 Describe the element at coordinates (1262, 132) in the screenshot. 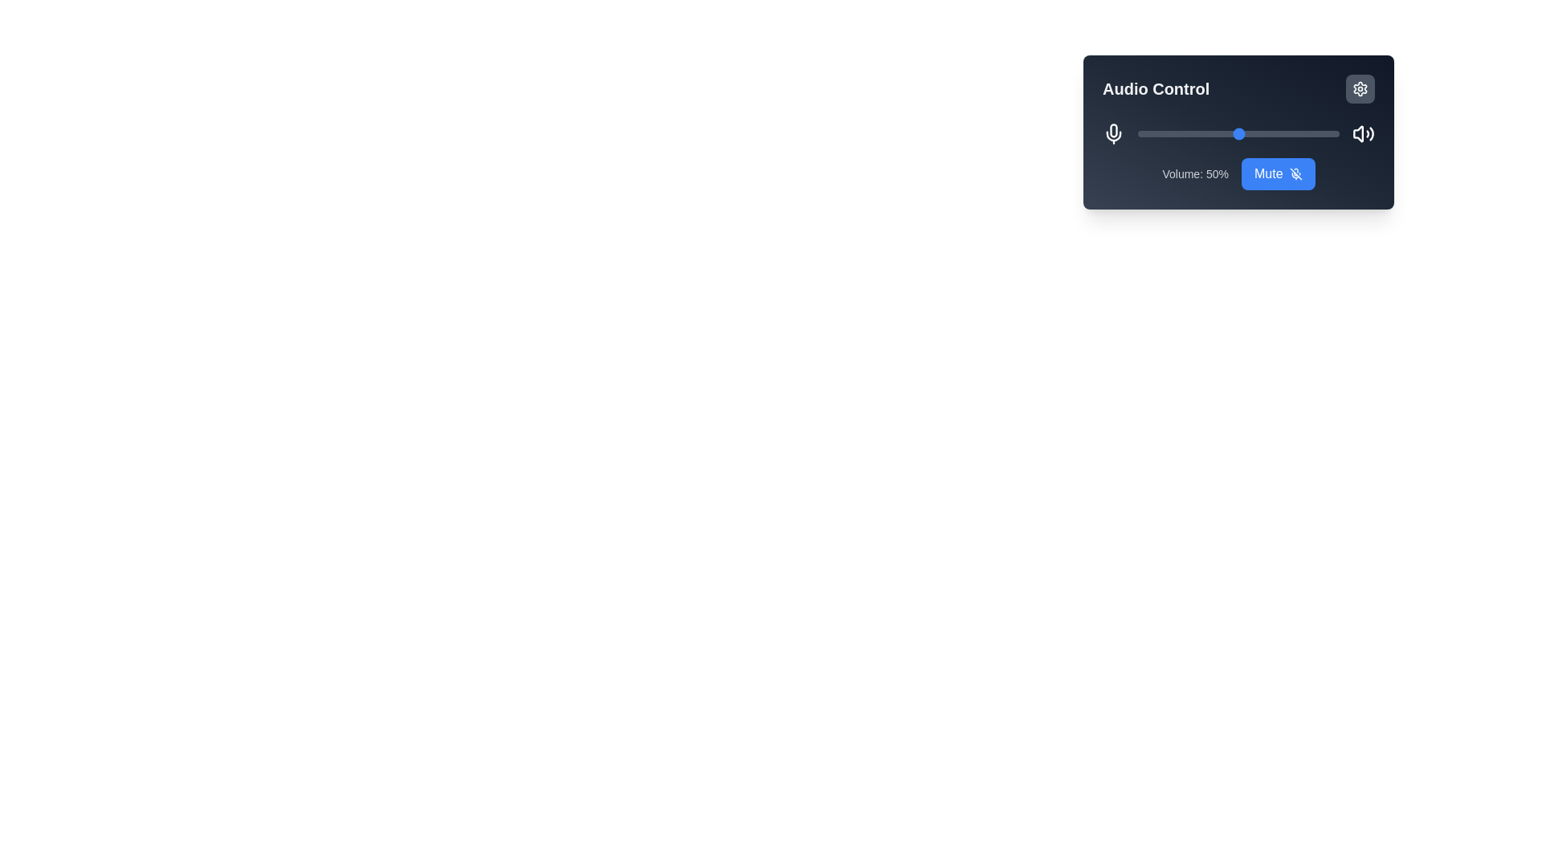

I see `the audio volume` at that location.